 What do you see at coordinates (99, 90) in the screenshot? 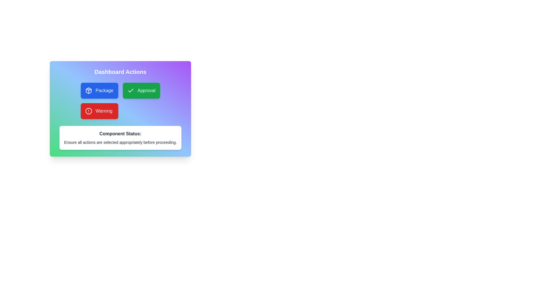
I see `the blue 'Package' button with rounded corners and white text` at bounding box center [99, 90].